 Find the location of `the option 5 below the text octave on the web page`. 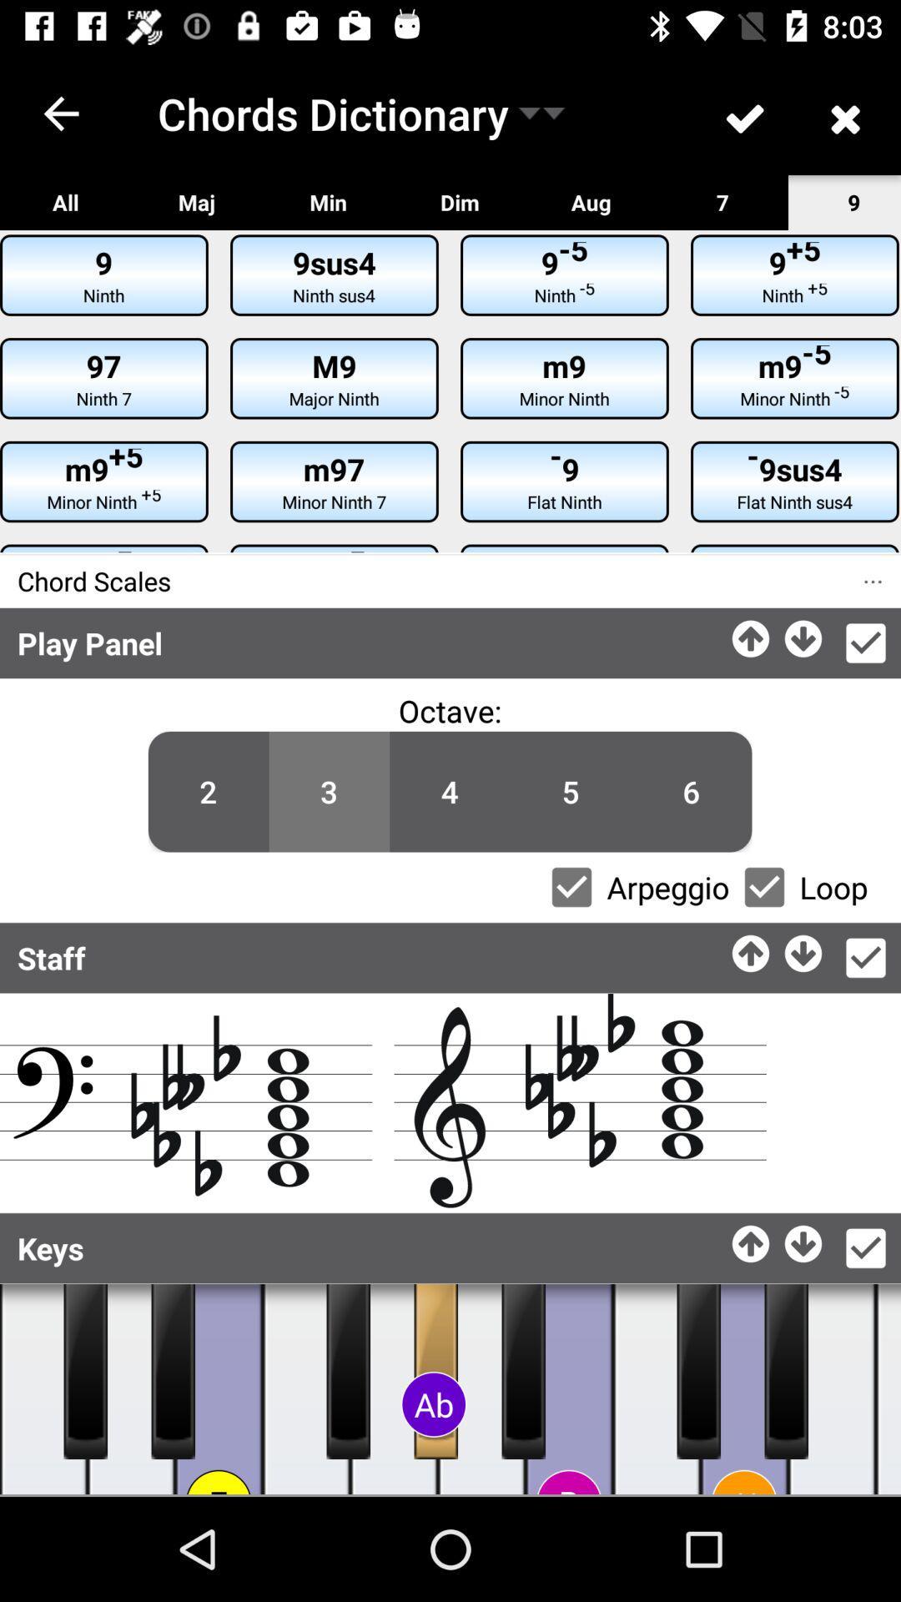

the option 5 below the text octave on the web page is located at coordinates (570, 791).